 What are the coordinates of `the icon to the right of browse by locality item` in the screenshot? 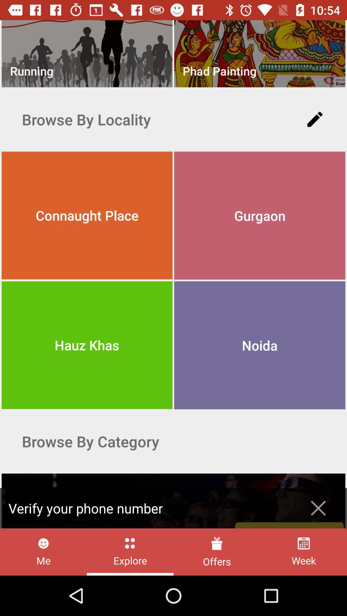 It's located at (315, 119).